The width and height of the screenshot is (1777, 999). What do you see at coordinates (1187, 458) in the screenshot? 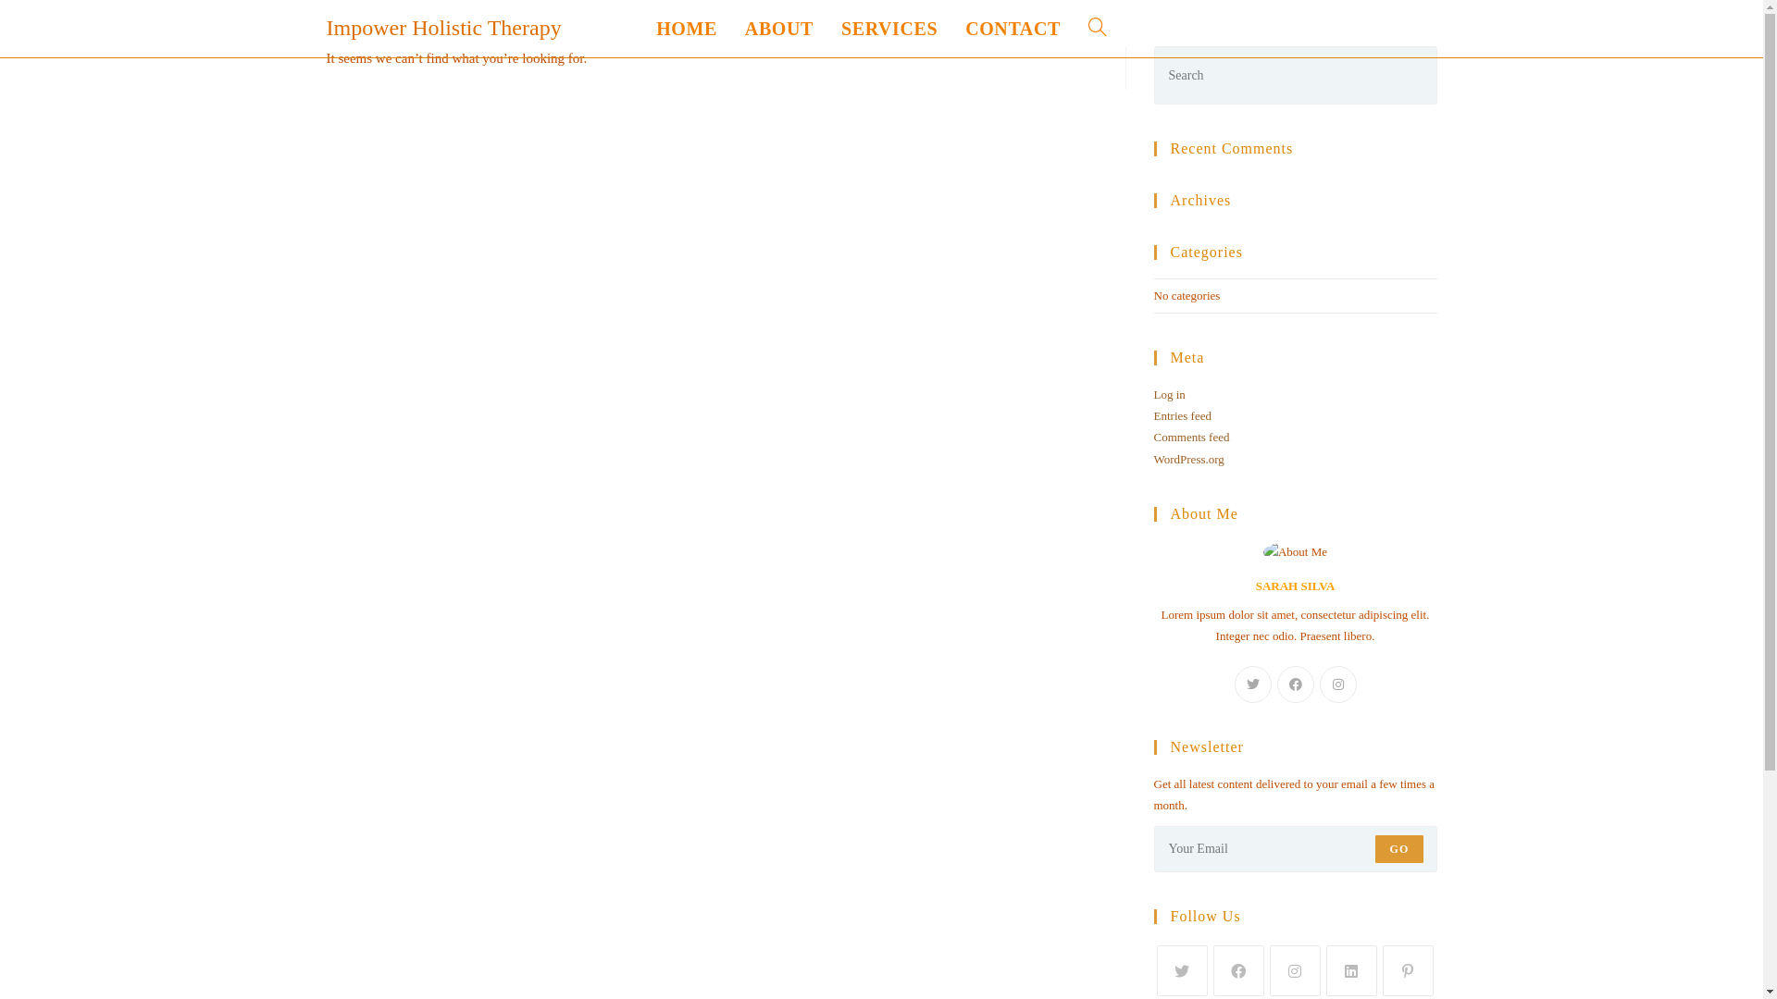
I see `'WordPress.org'` at bounding box center [1187, 458].